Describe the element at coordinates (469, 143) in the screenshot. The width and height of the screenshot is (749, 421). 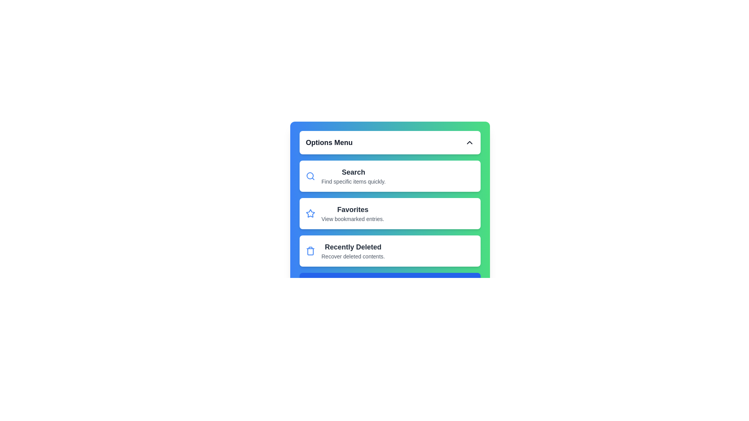
I see `the Chevron icon in the 'Options Menu' header section` at that location.